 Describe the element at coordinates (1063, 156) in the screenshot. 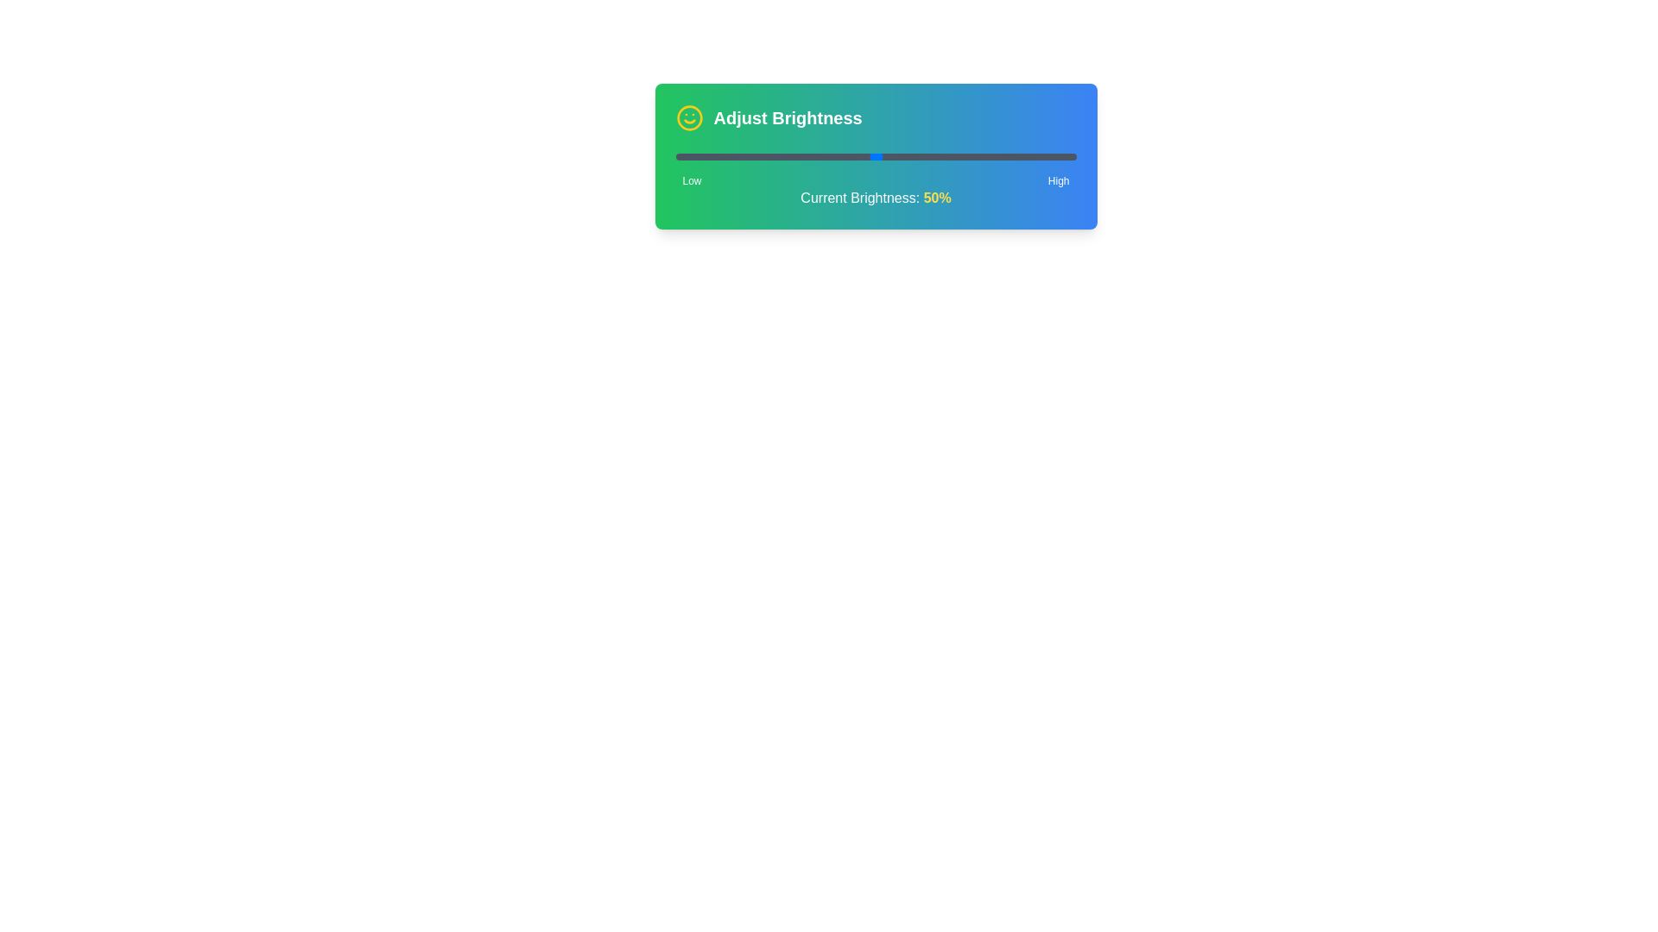

I see `the brightness slider to 97% to observe the visual representation of brightness levels` at that location.